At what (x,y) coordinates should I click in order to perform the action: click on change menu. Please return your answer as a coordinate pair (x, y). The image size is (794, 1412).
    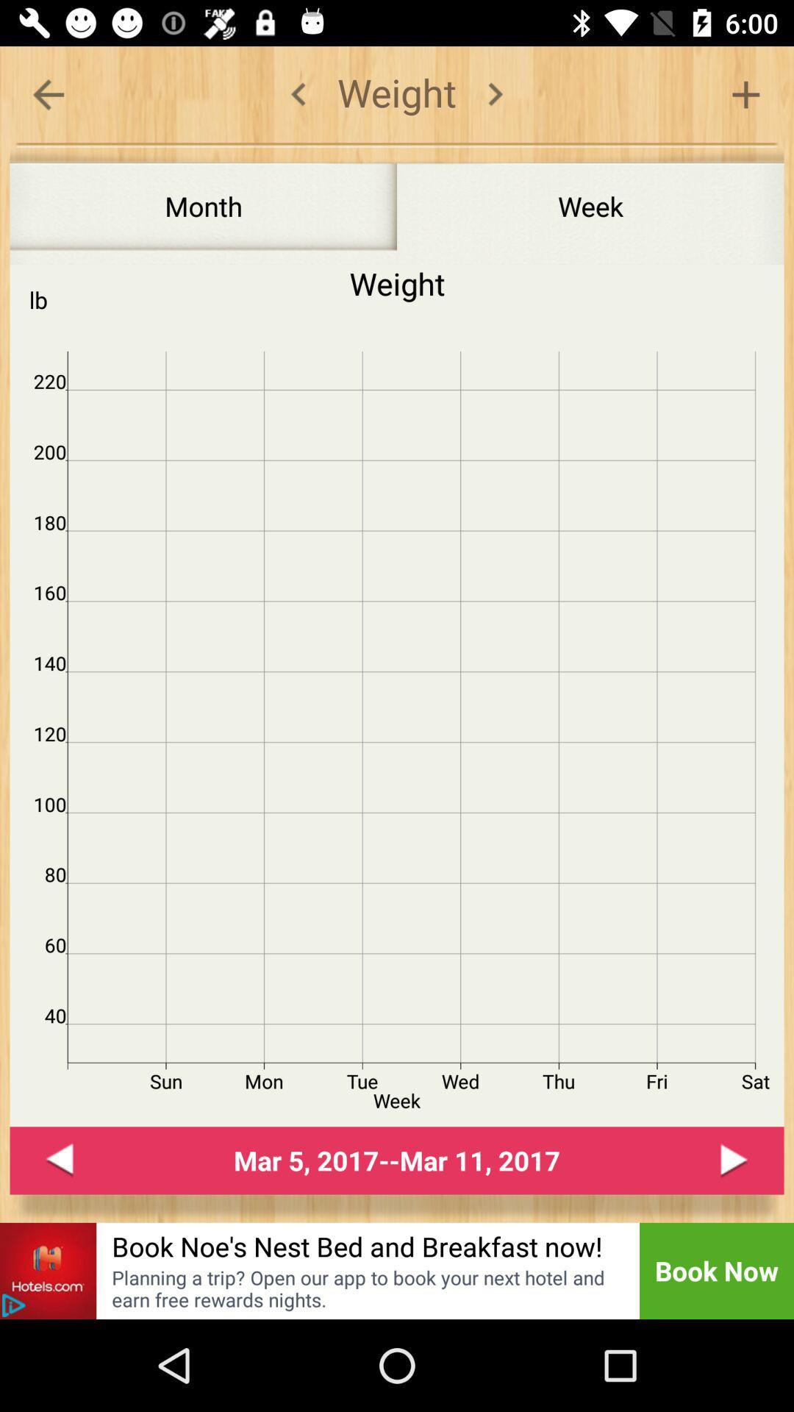
    Looking at the image, I should click on (495, 93).